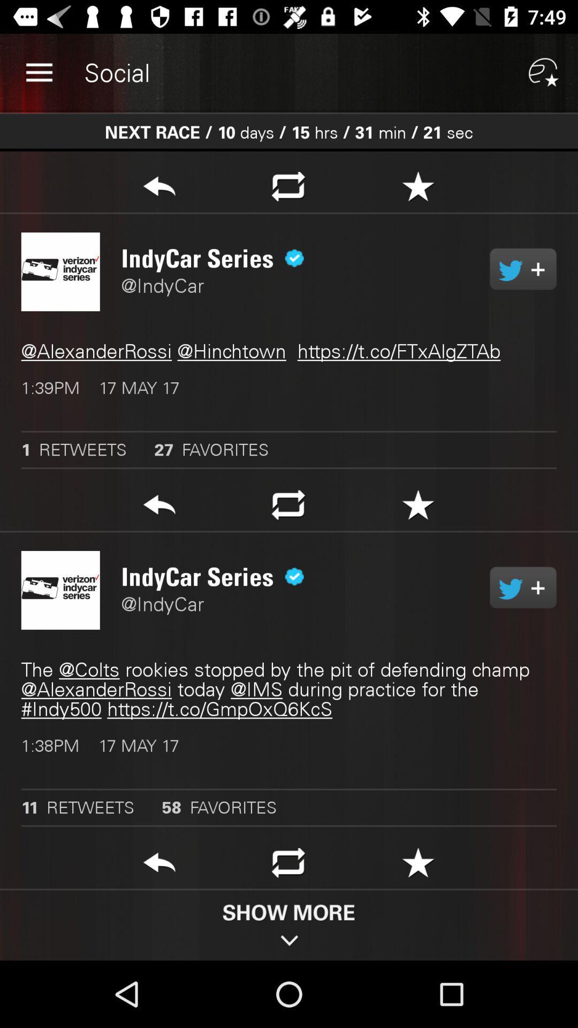  Describe the element at coordinates (522, 587) in the screenshot. I see `adds a tweet` at that location.